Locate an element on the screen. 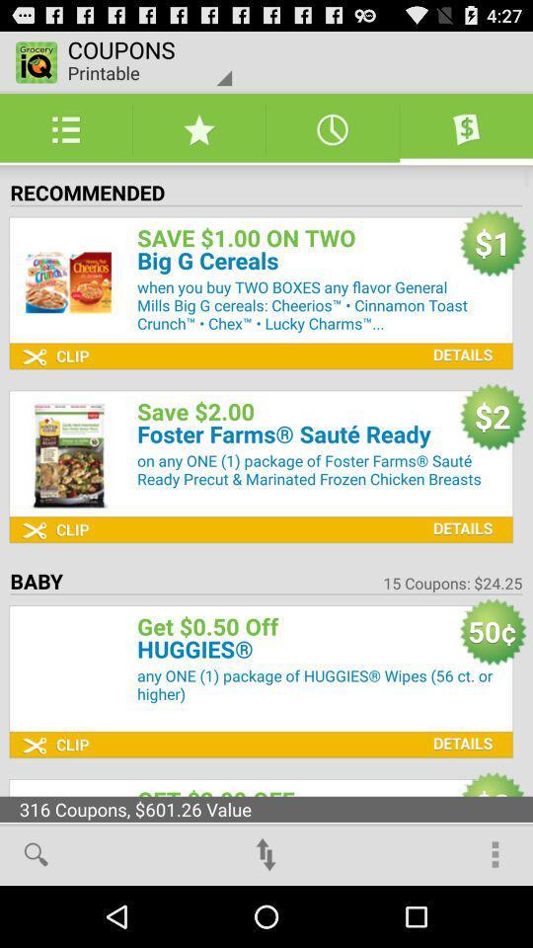  see more details is located at coordinates (458, 512).